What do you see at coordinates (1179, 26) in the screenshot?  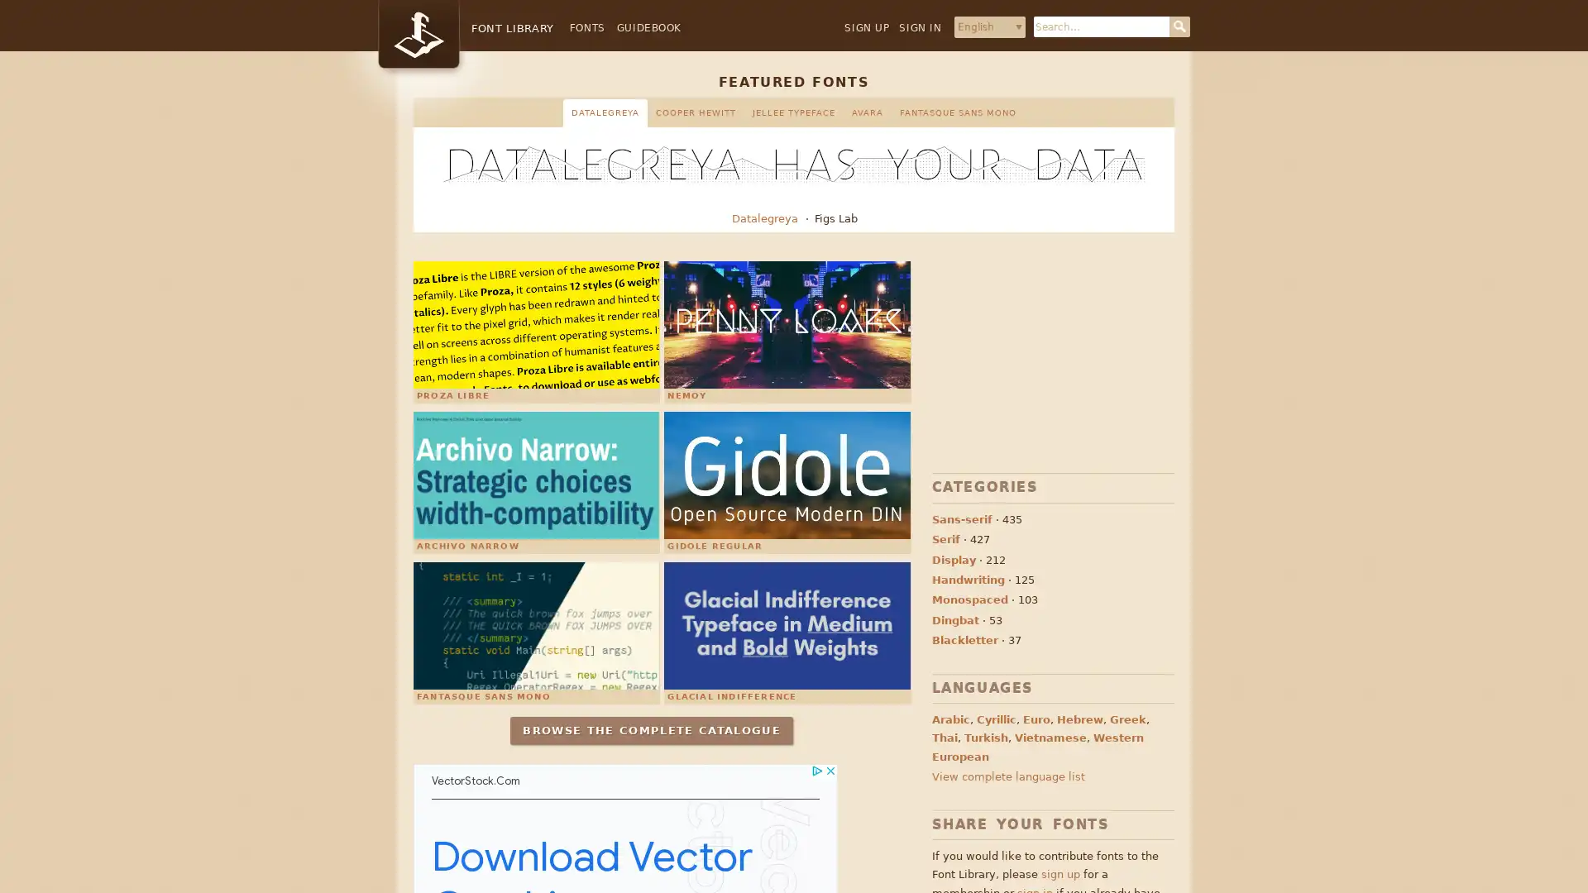 I see `Search` at bounding box center [1179, 26].